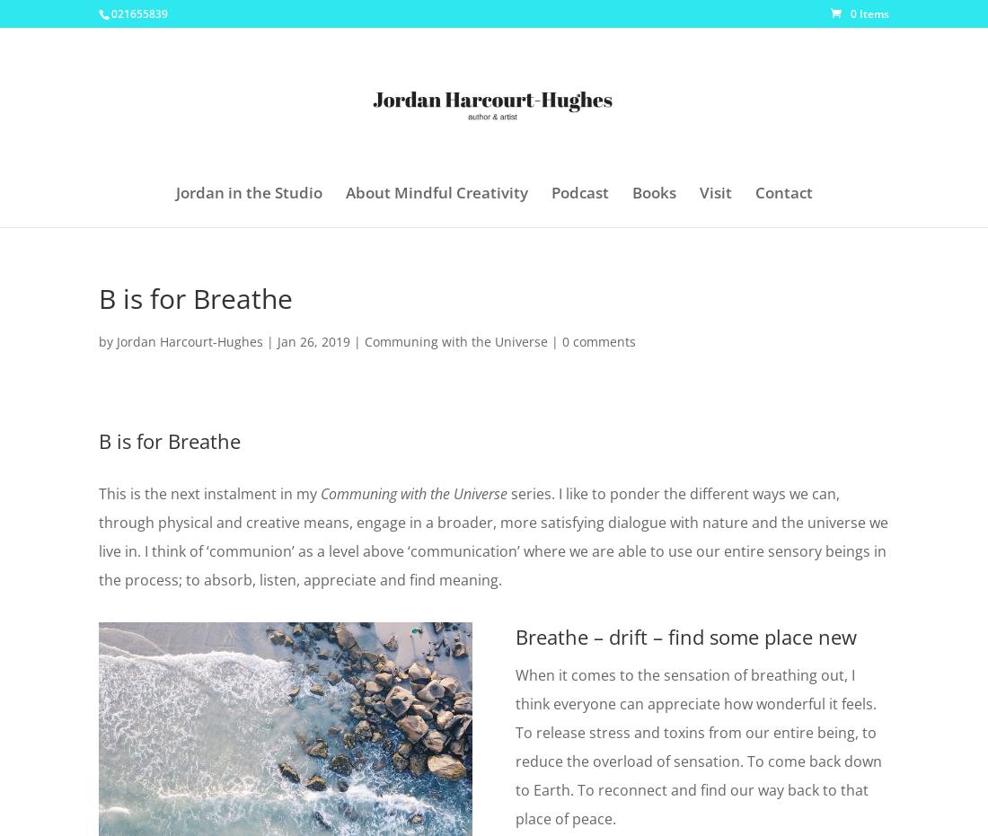 The height and width of the screenshot is (836, 988). I want to click on '021655839', so click(138, 13).